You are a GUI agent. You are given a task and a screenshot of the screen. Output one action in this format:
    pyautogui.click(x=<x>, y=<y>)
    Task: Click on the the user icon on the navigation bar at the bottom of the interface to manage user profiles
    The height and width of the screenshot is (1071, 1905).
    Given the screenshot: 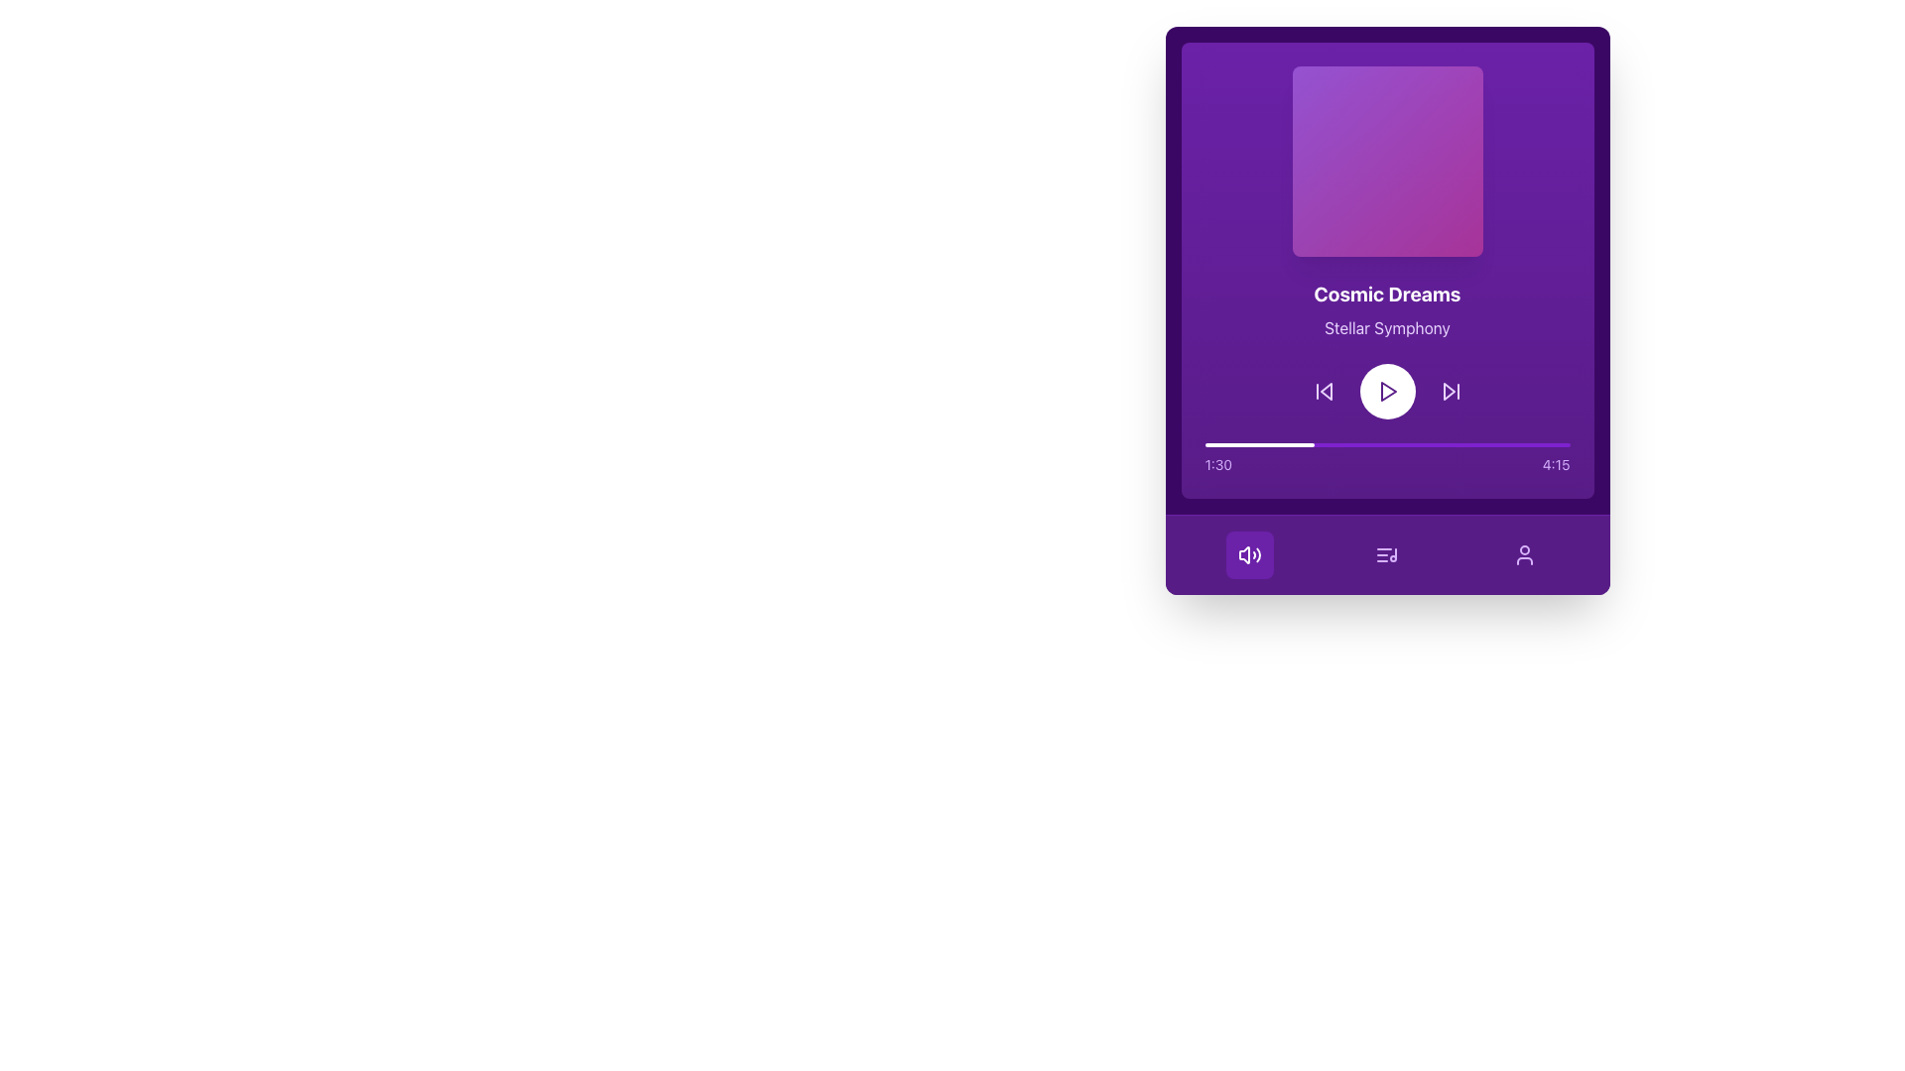 What is the action you would take?
    pyautogui.click(x=1386, y=554)
    